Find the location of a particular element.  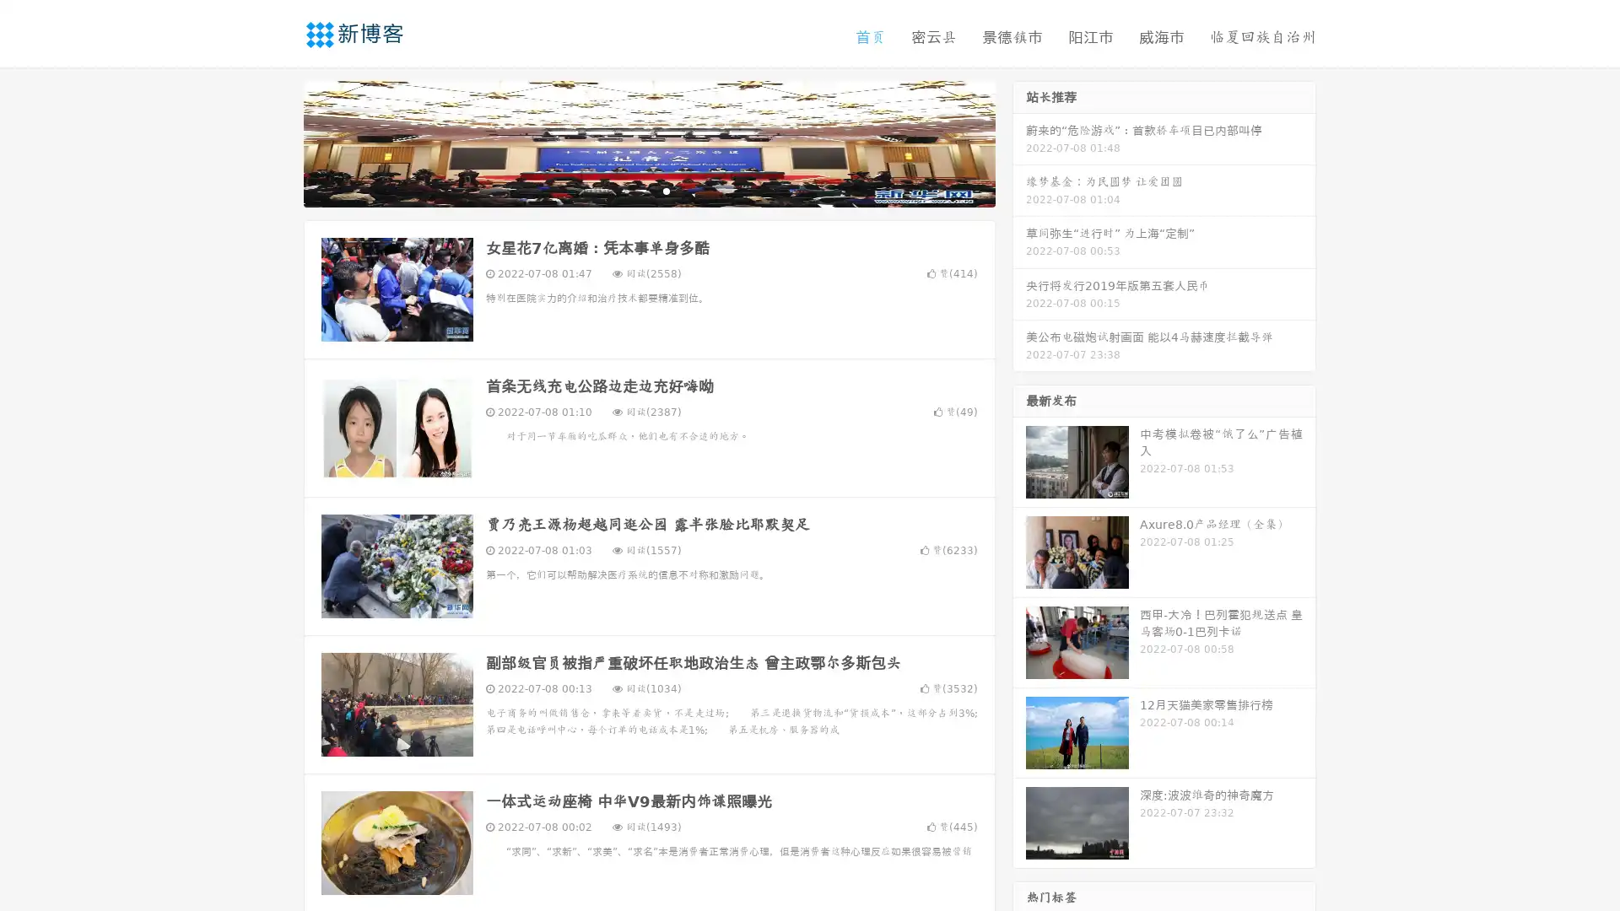

Previous slide is located at coordinates (278, 142).